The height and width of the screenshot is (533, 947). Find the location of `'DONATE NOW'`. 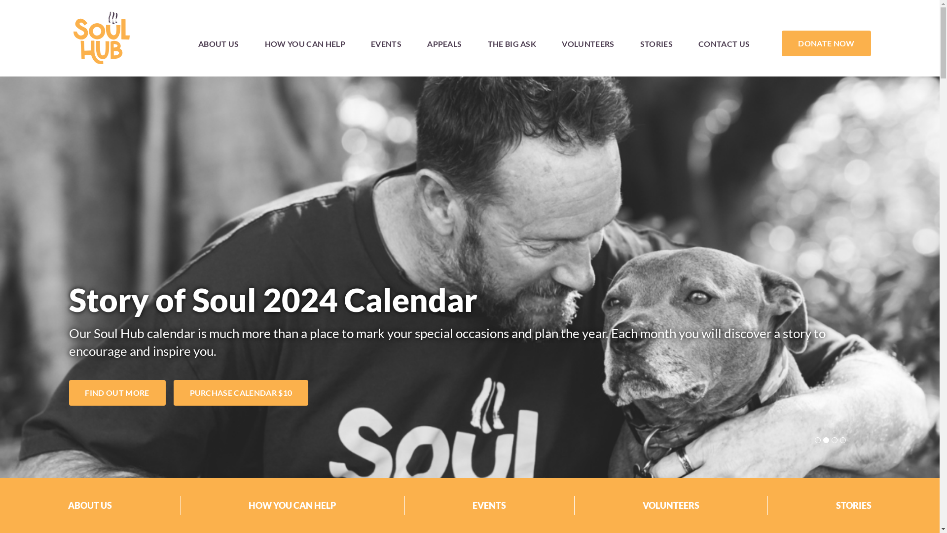

'DONATE NOW' is located at coordinates (826, 43).